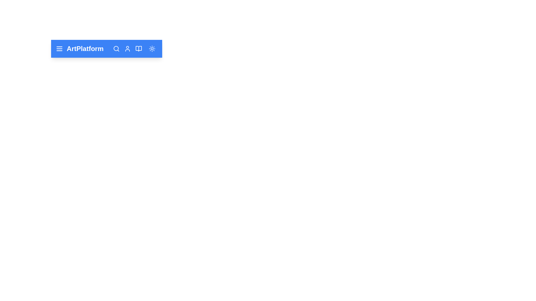 The width and height of the screenshot is (536, 301). What do you see at coordinates (59, 48) in the screenshot?
I see `the menu icon to expand the menu` at bounding box center [59, 48].